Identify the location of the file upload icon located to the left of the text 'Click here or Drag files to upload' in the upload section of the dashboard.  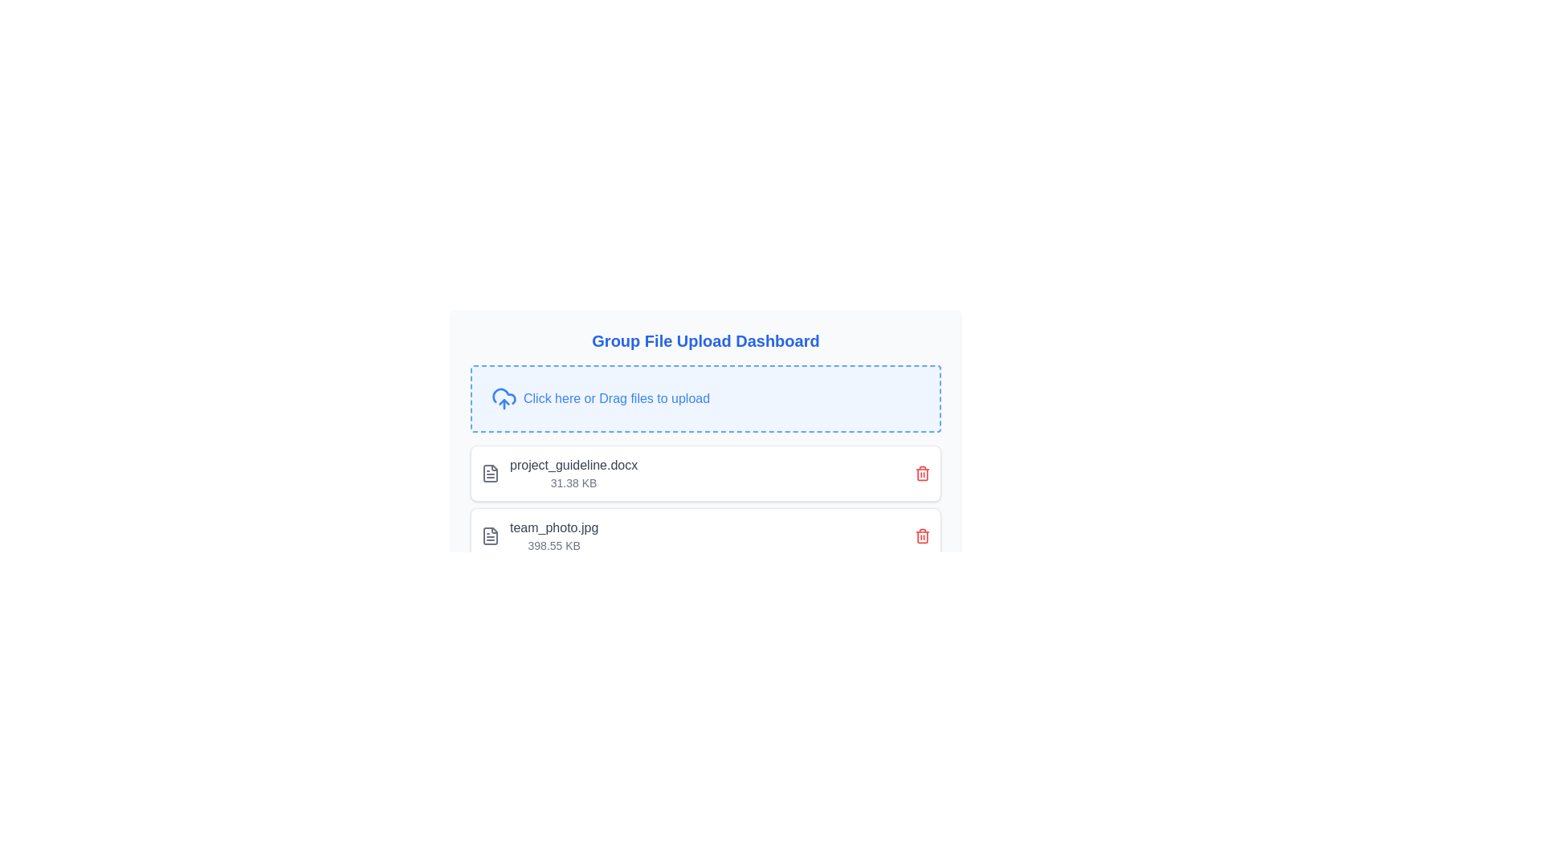
(504, 398).